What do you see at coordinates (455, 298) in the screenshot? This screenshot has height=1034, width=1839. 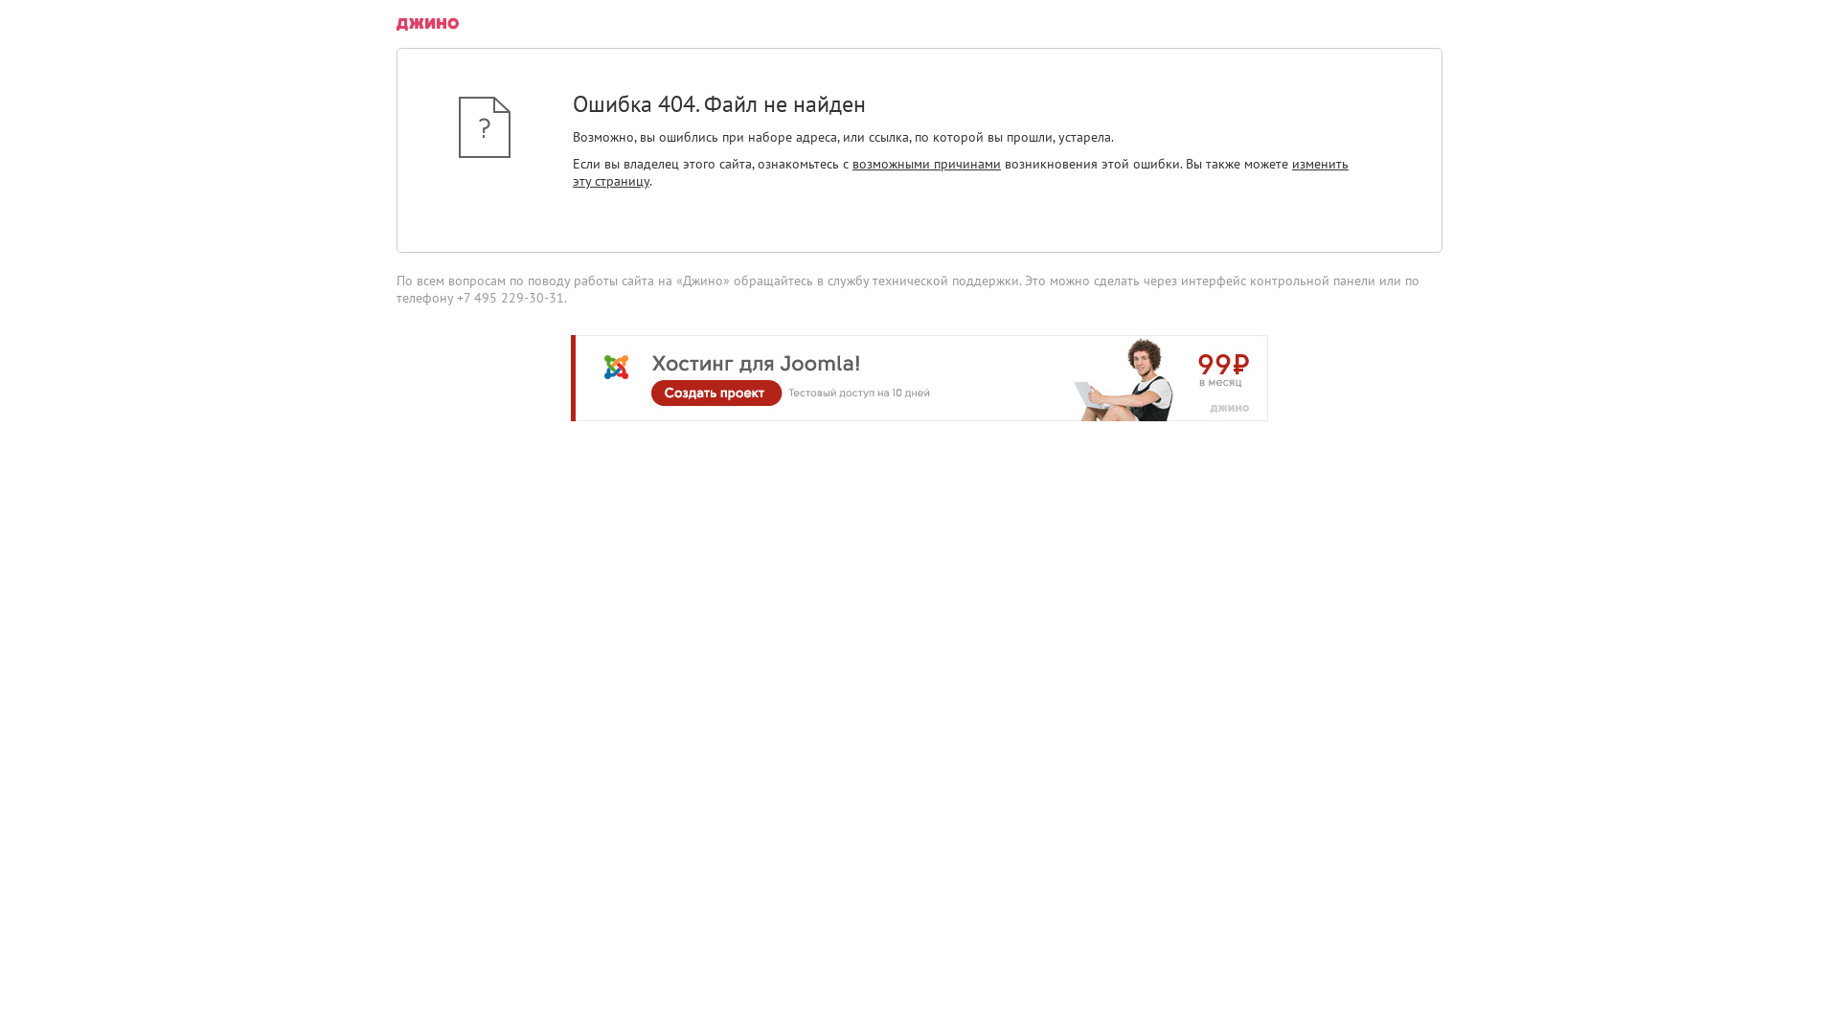 I see `'+7 495 229-30-31'` at bounding box center [455, 298].